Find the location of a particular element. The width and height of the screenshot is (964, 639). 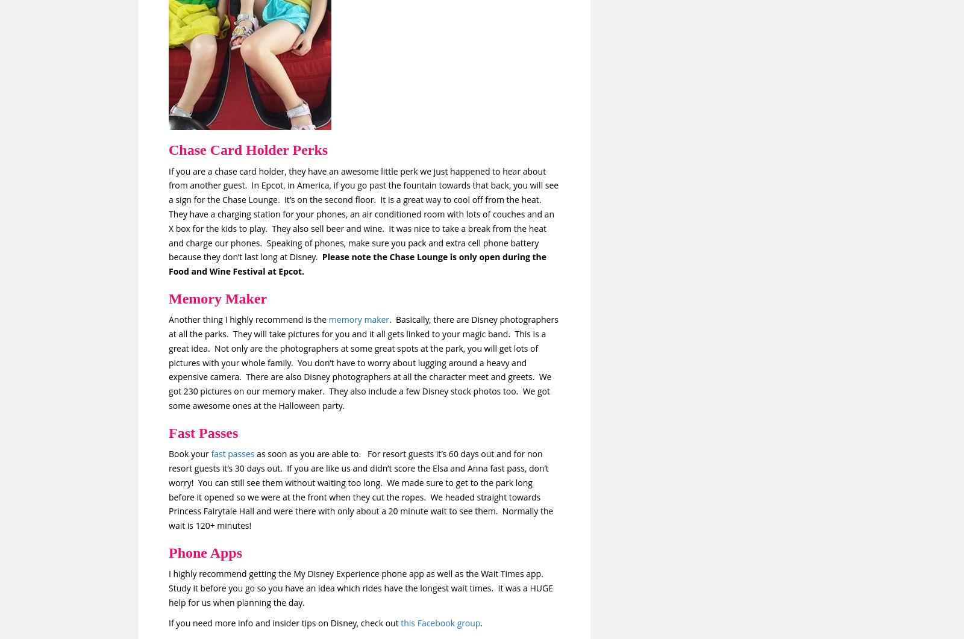

'Please note the Chase Lounge is only open during the Food and Wine Festival at Epcot.' is located at coordinates (169, 264).